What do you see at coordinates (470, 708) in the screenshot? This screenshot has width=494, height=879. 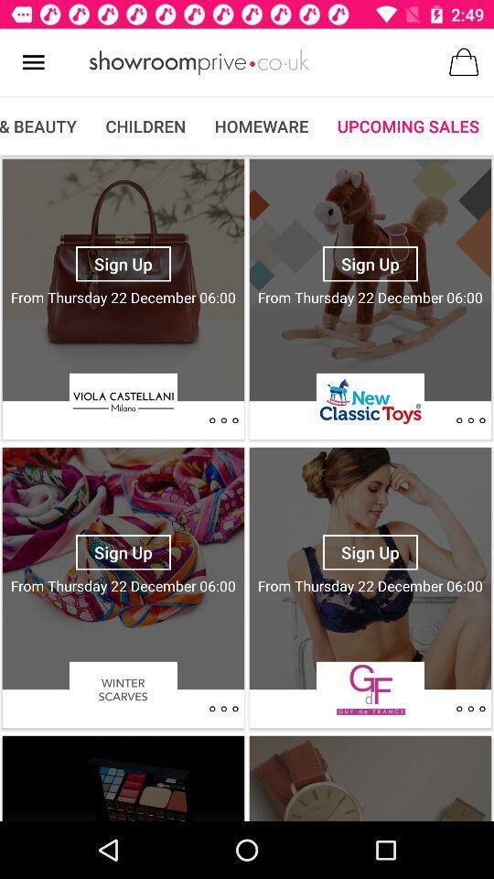 I see `go back` at bounding box center [470, 708].